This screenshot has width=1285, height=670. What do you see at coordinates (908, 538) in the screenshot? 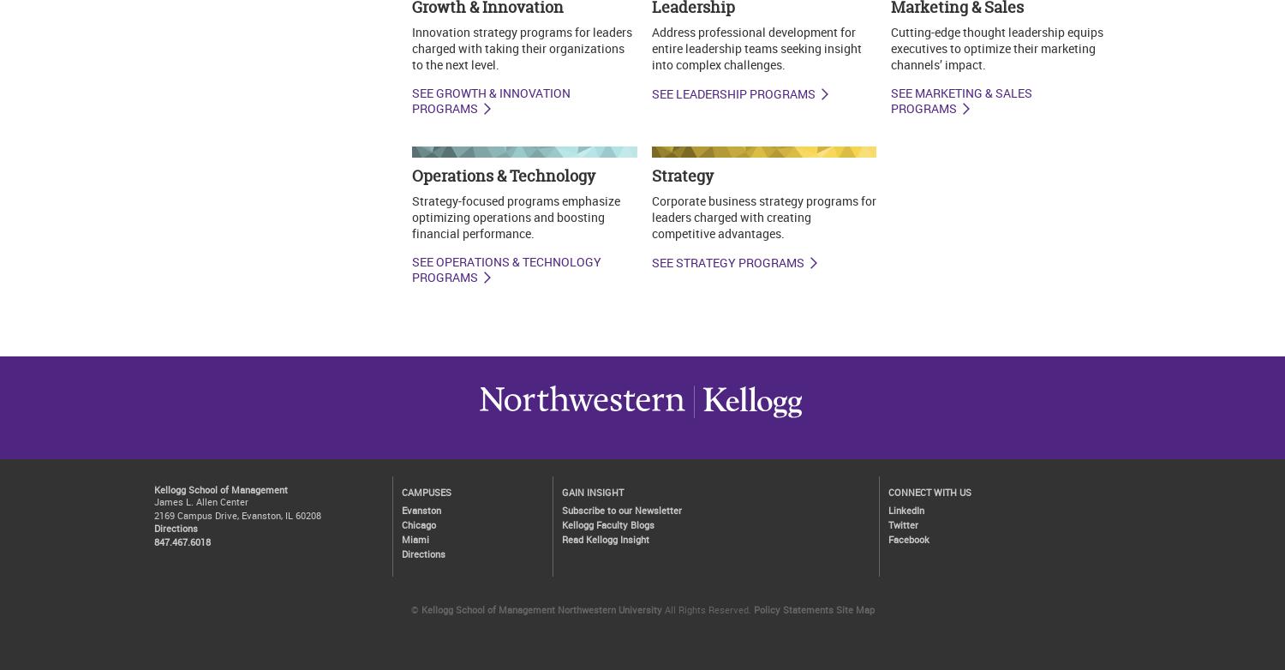
I see `'Facebook'` at bounding box center [908, 538].